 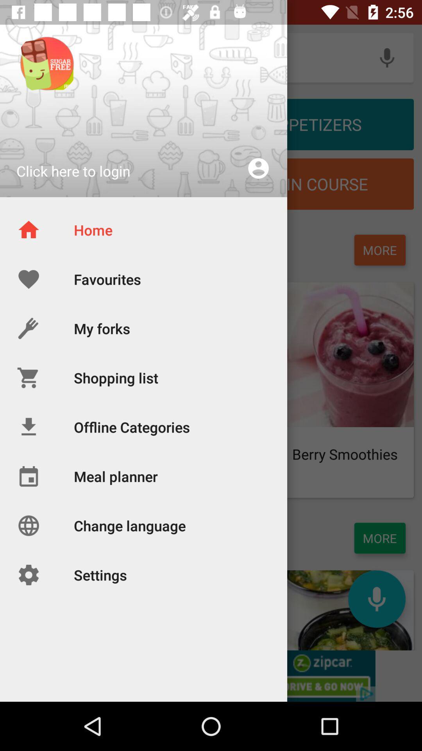 What do you see at coordinates (376, 598) in the screenshot?
I see `the microphone icon` at bounding box center [376, 598].